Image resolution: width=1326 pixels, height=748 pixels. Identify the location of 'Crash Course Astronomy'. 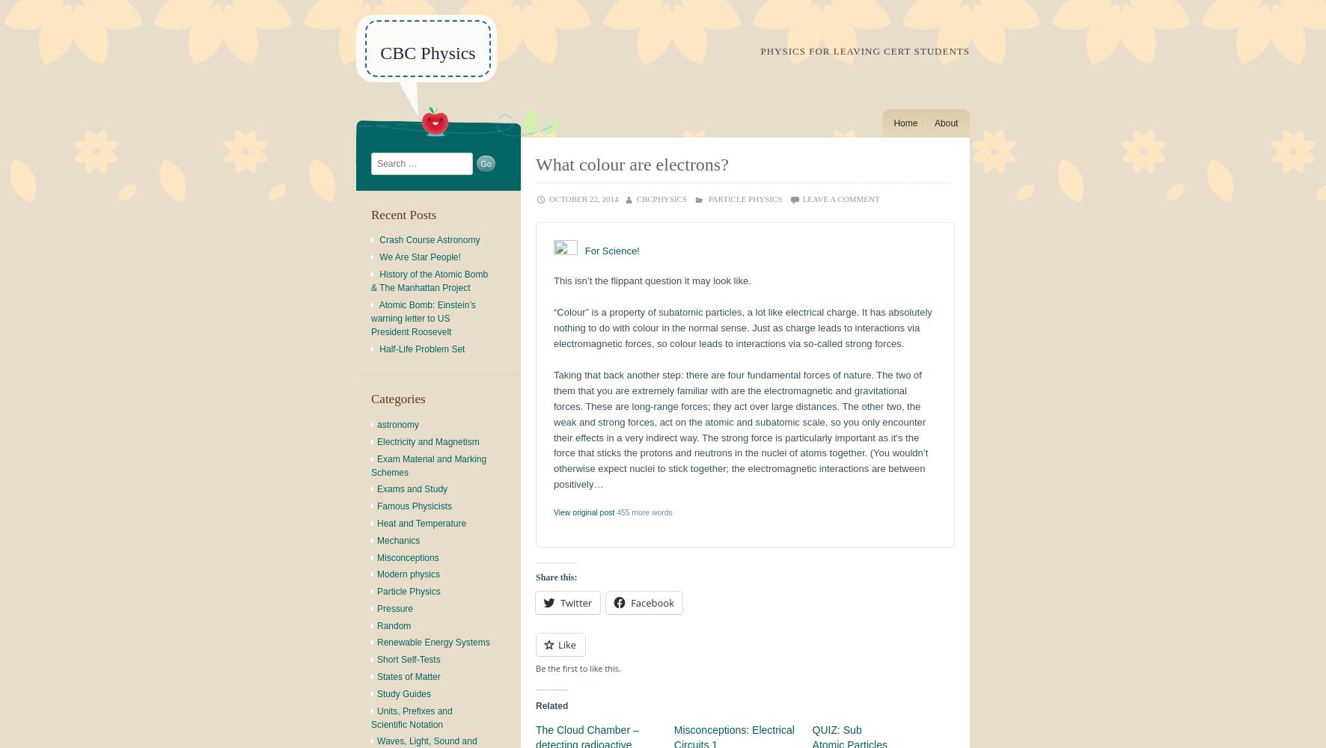
(378, 239).